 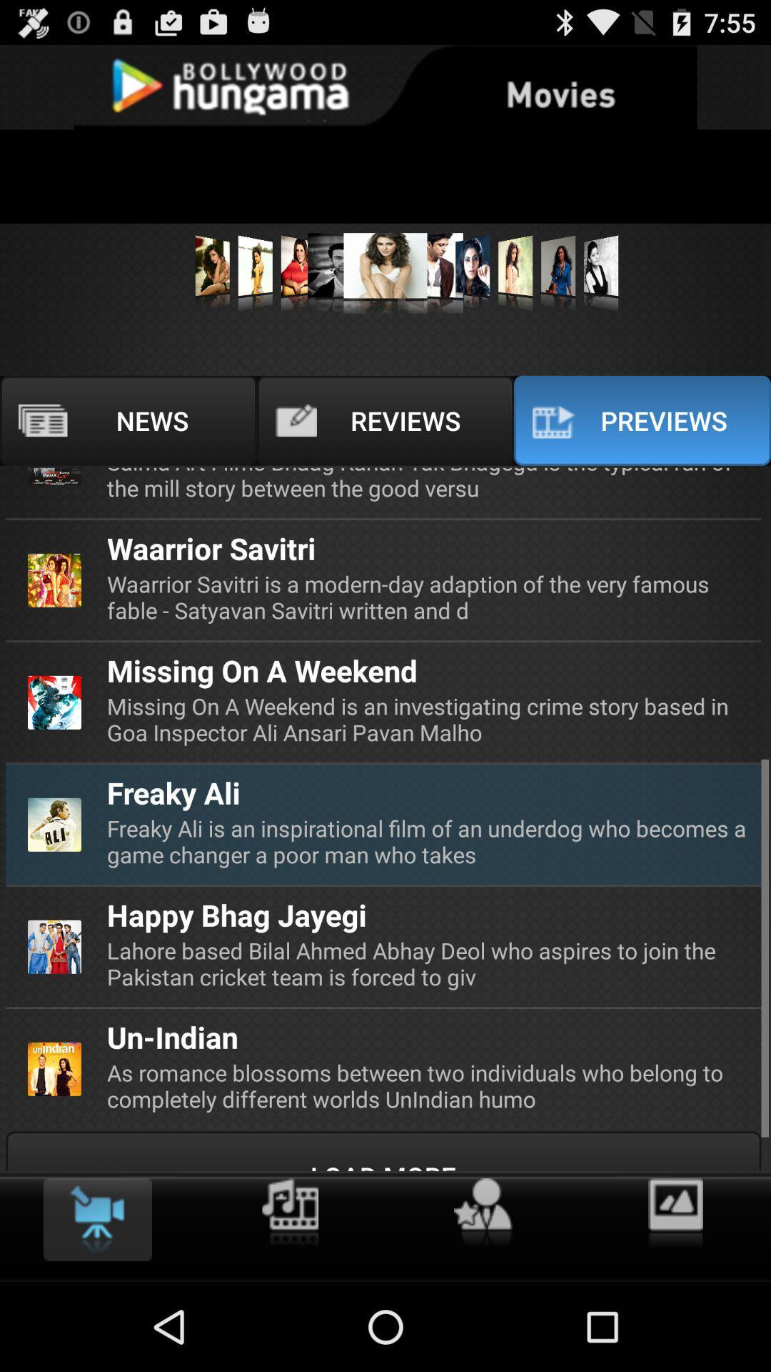 What do you see at coordinates (54, 947) in the screenshot?
I see `image before happy bhag jayegi text` at bounding box center [54, 947].